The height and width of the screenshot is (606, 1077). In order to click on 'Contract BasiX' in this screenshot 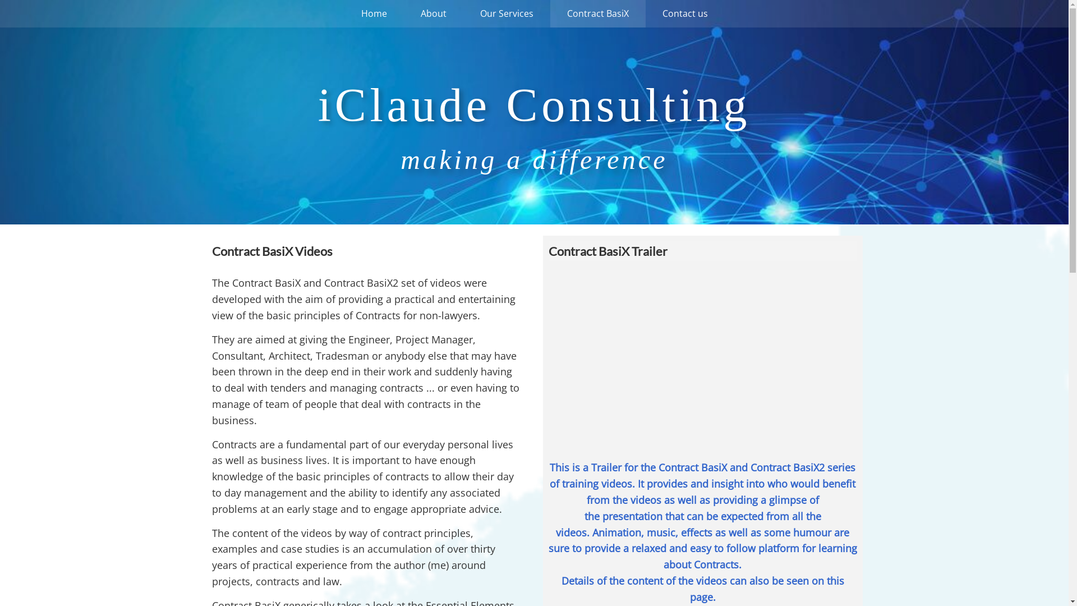, I will do `click(597, 13)`.